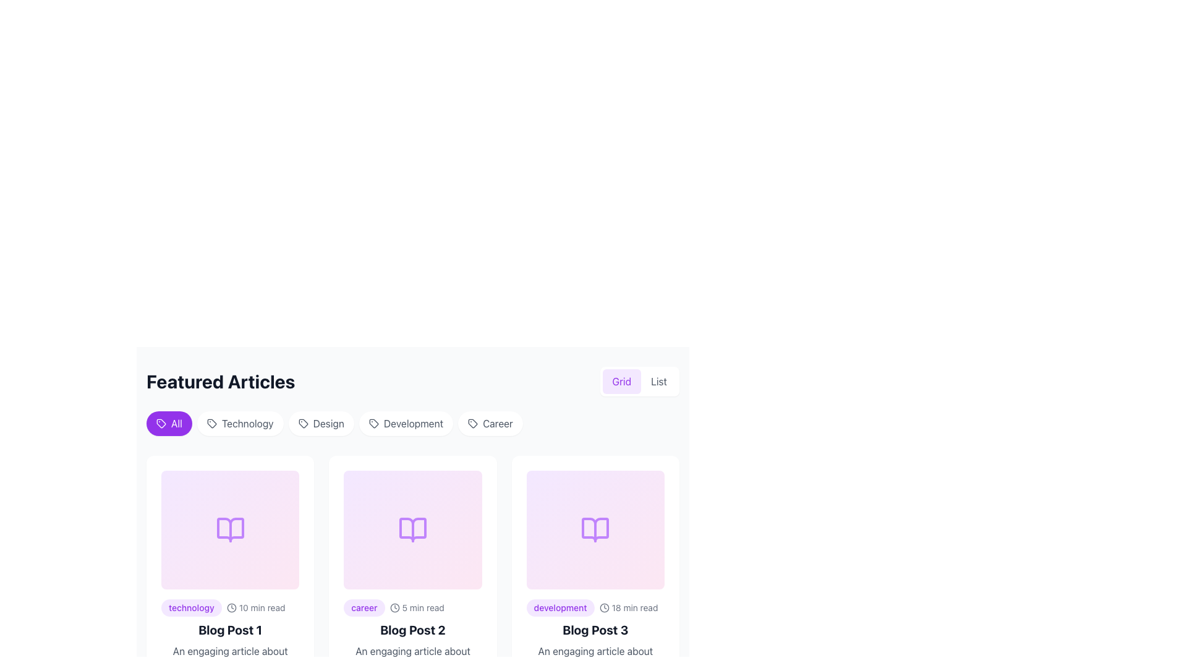  What do you see at coordinates (621, 381) in the screenshot?
I see `the toggle button located in the top-right of the visible interface` at bounding box center [621, 381].